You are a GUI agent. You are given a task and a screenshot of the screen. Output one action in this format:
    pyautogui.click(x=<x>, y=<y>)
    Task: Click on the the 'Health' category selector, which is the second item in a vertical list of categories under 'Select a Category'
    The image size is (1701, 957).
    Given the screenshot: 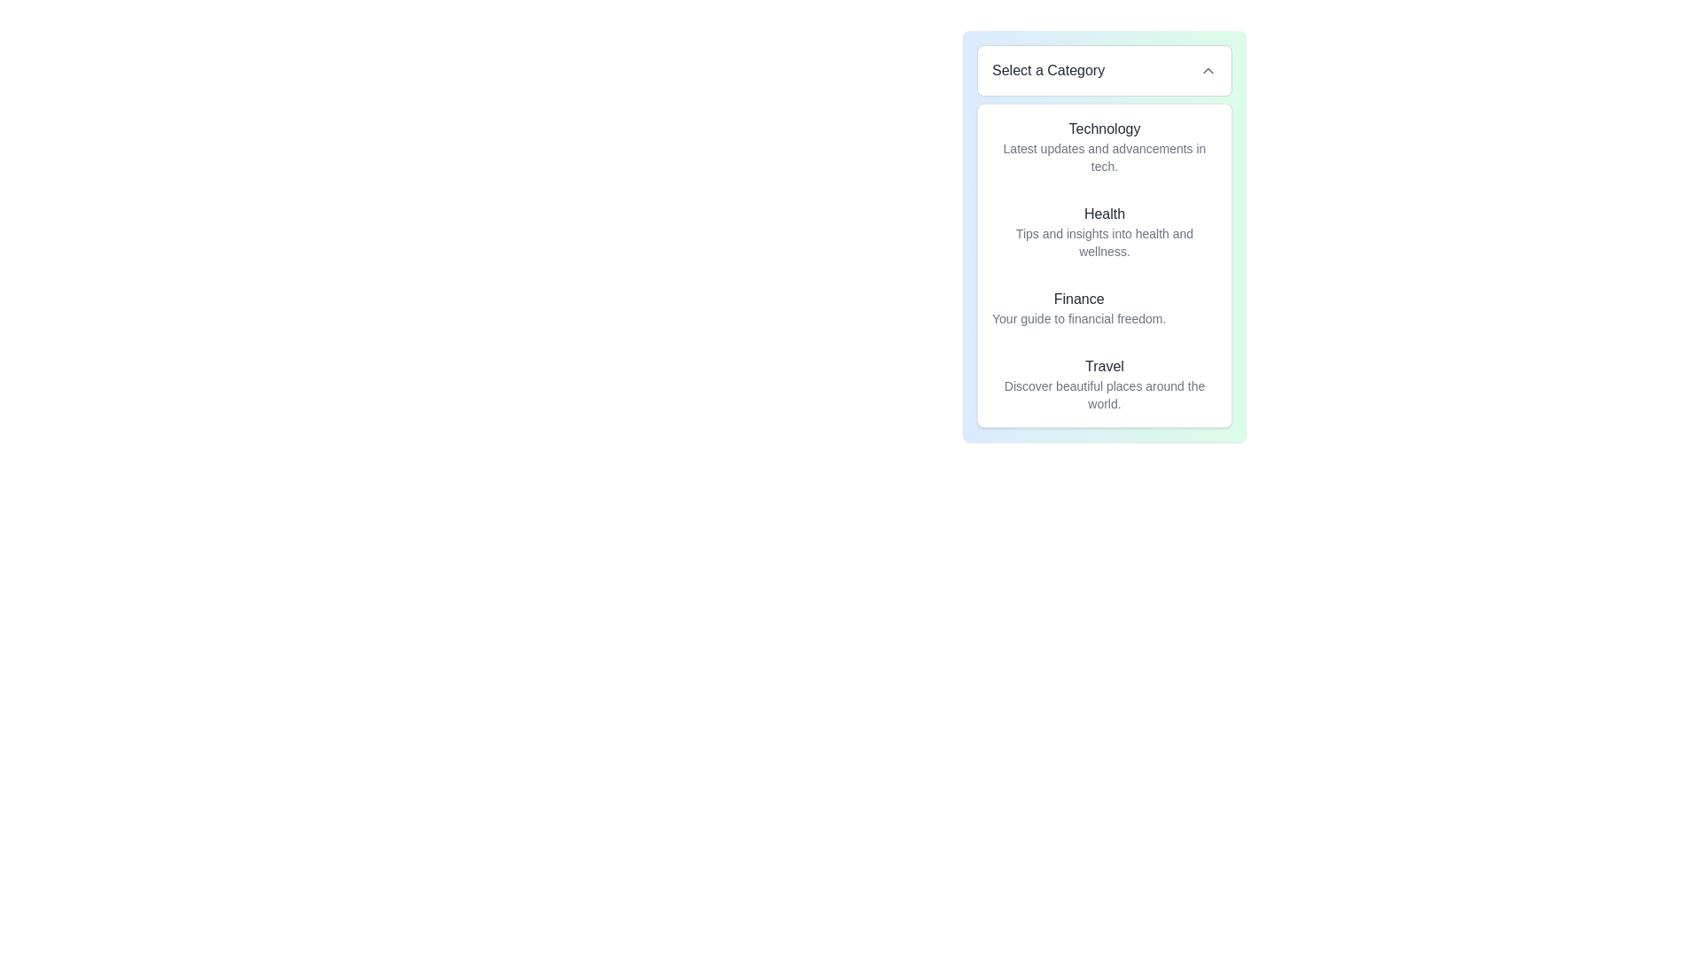 What is the action you would take?
    pyautogui.click(x=1104, y=231)
    